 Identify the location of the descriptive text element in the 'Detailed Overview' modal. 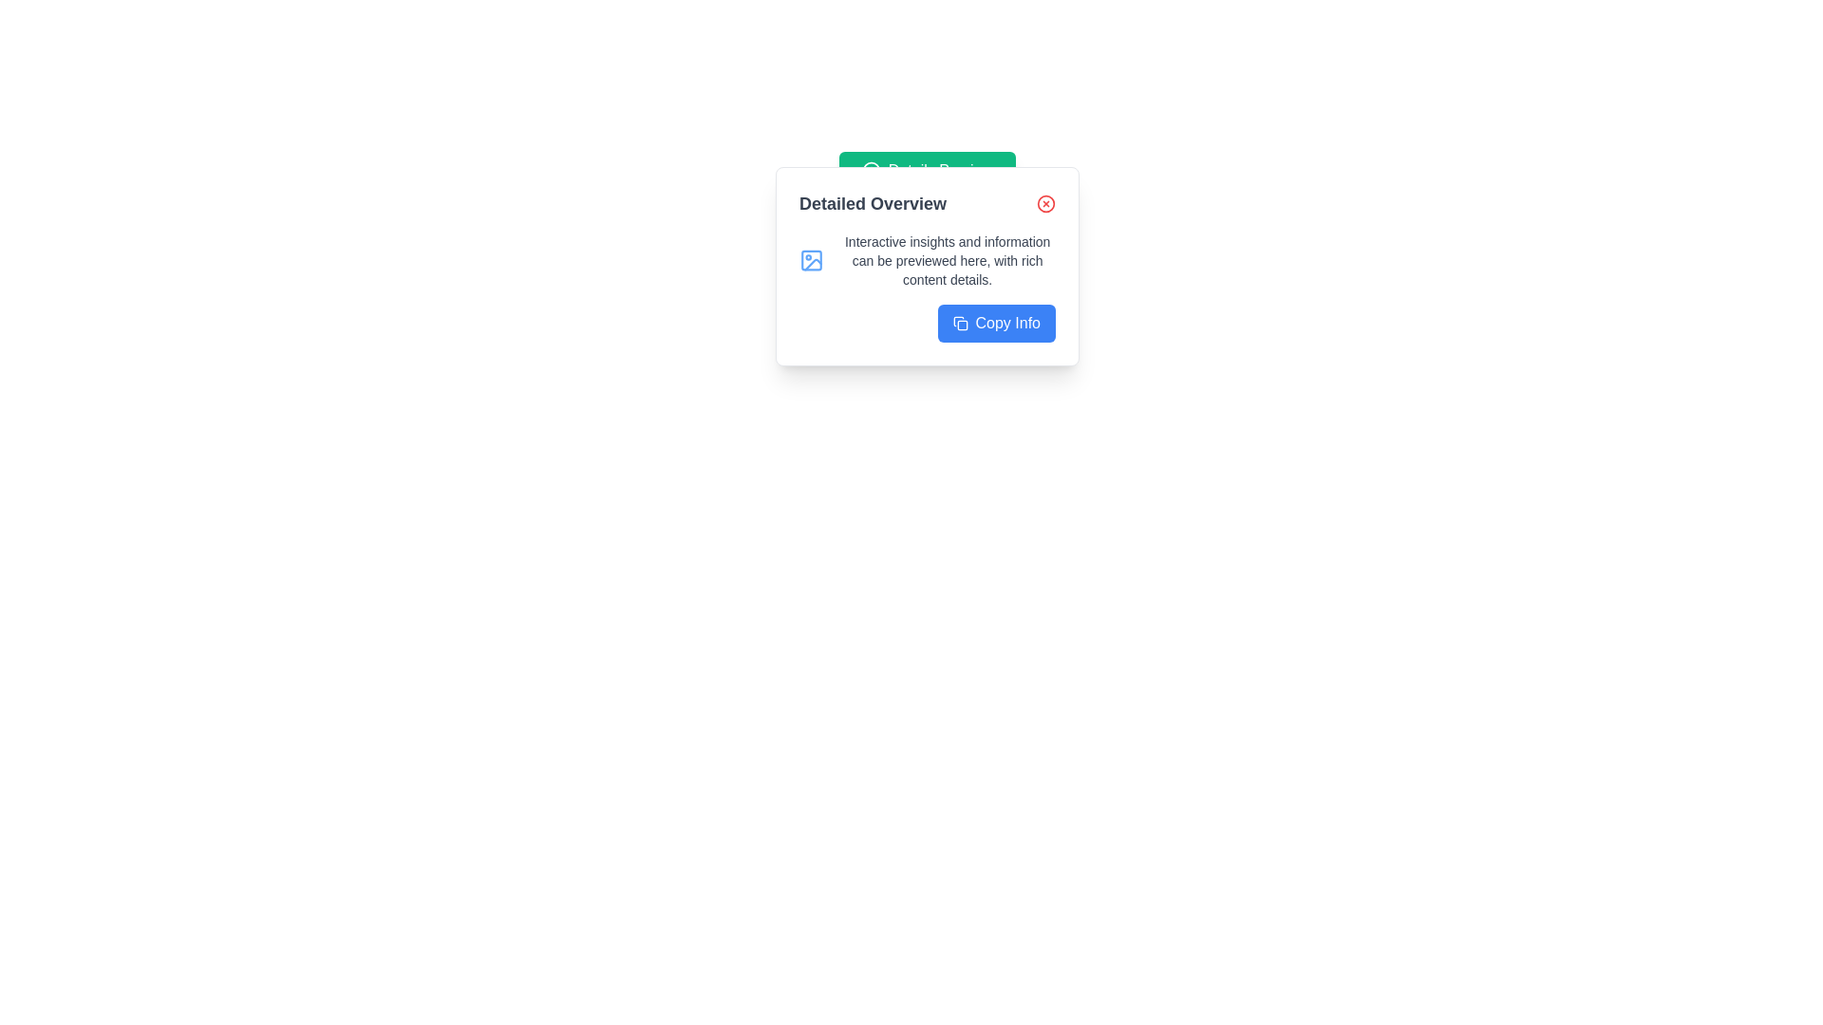
(948, 260).